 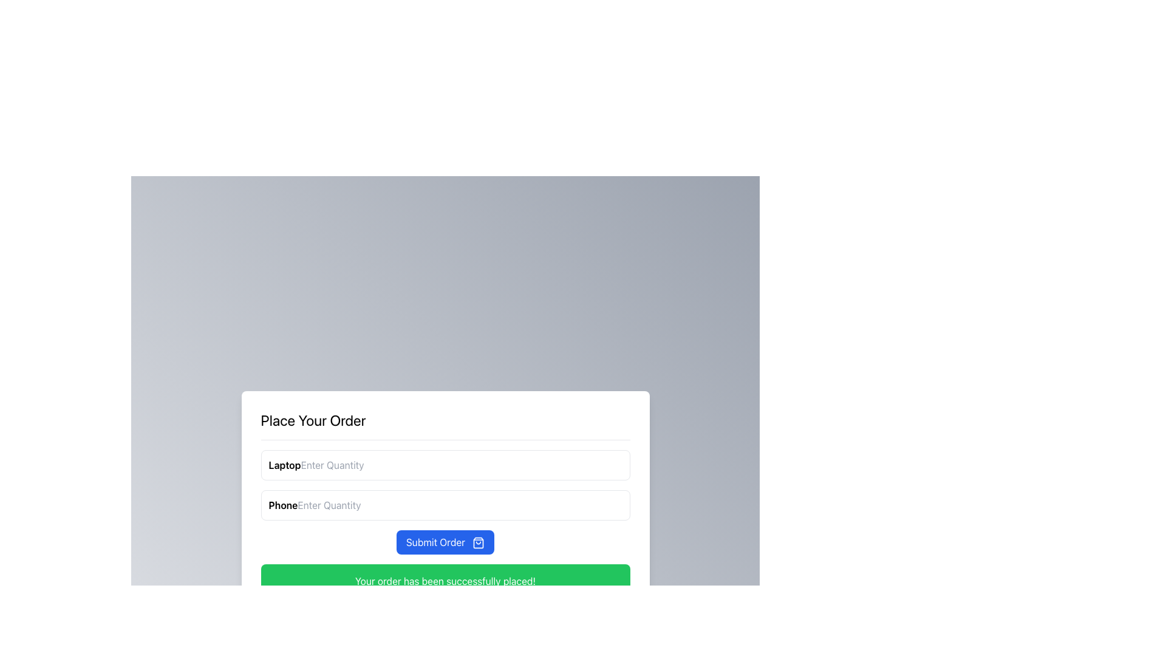 What do you see at coordinates (445, 505) in the screenshot?
I see `the quantity input field labeled 'Phone' to focus on it` at bounding box center [445, 505].